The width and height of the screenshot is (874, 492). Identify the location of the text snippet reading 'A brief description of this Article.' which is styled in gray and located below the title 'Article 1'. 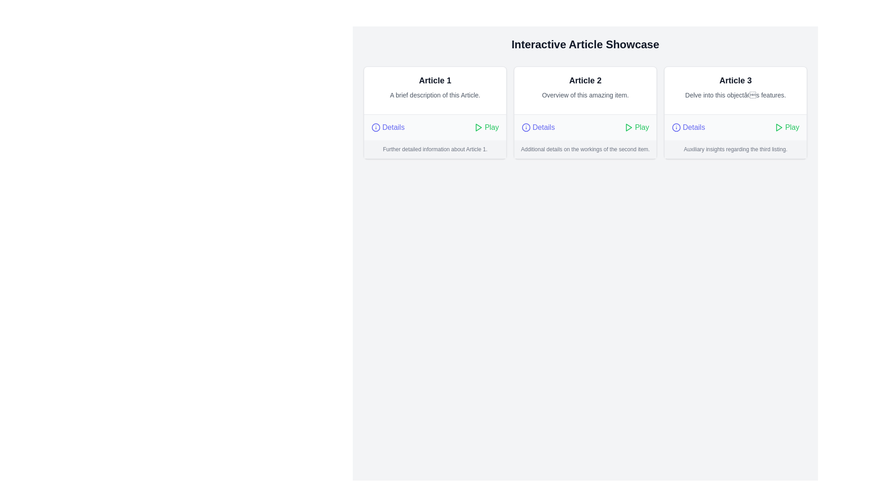
(434, 95).